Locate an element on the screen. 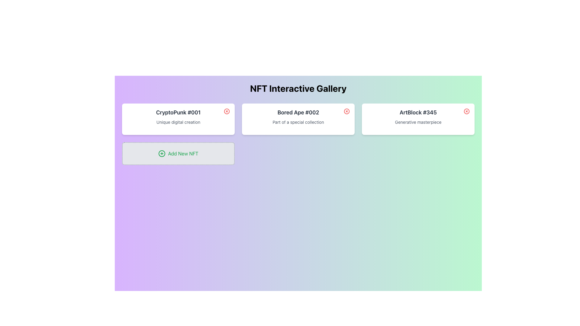 Image resolution: width=580 pixels, height=326 pixels. the Information Card titled 'ArtBlock #345', which has a white background, rounded corners, and a red close icon in the top-right corner is located at coordinates (418, 119).